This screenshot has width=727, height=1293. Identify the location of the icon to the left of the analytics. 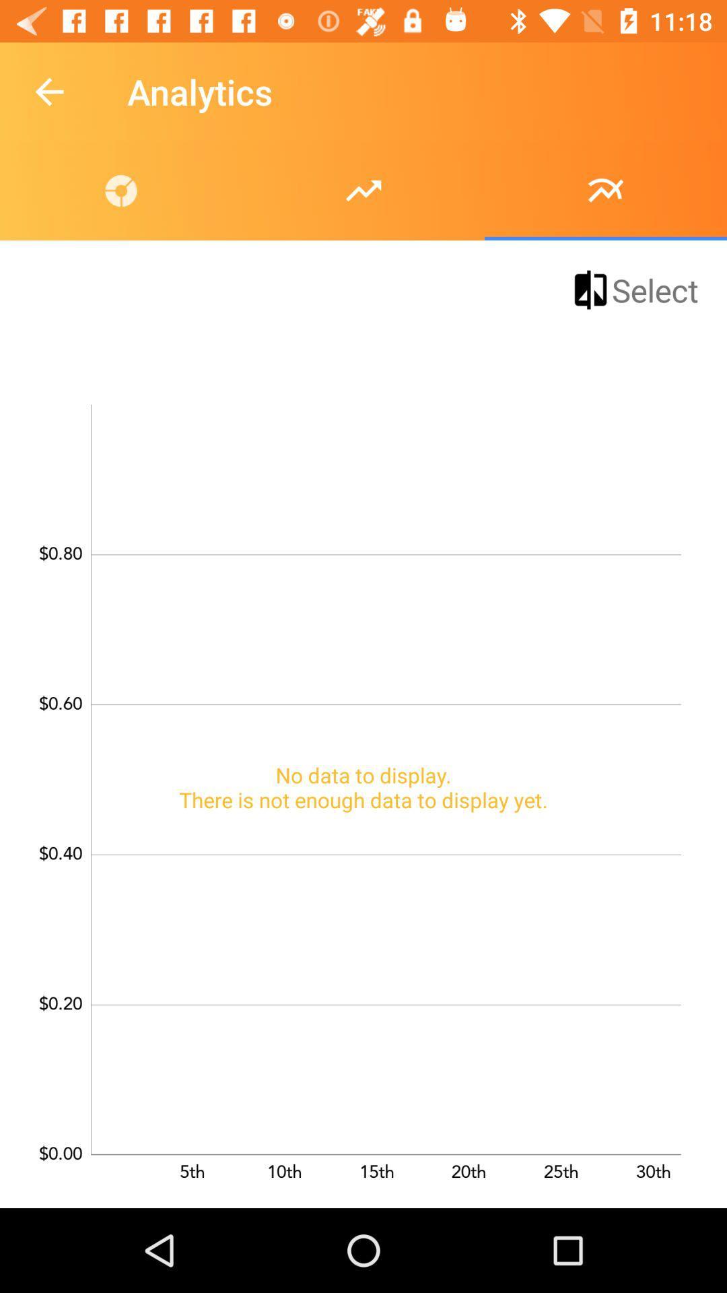
(48, 91).